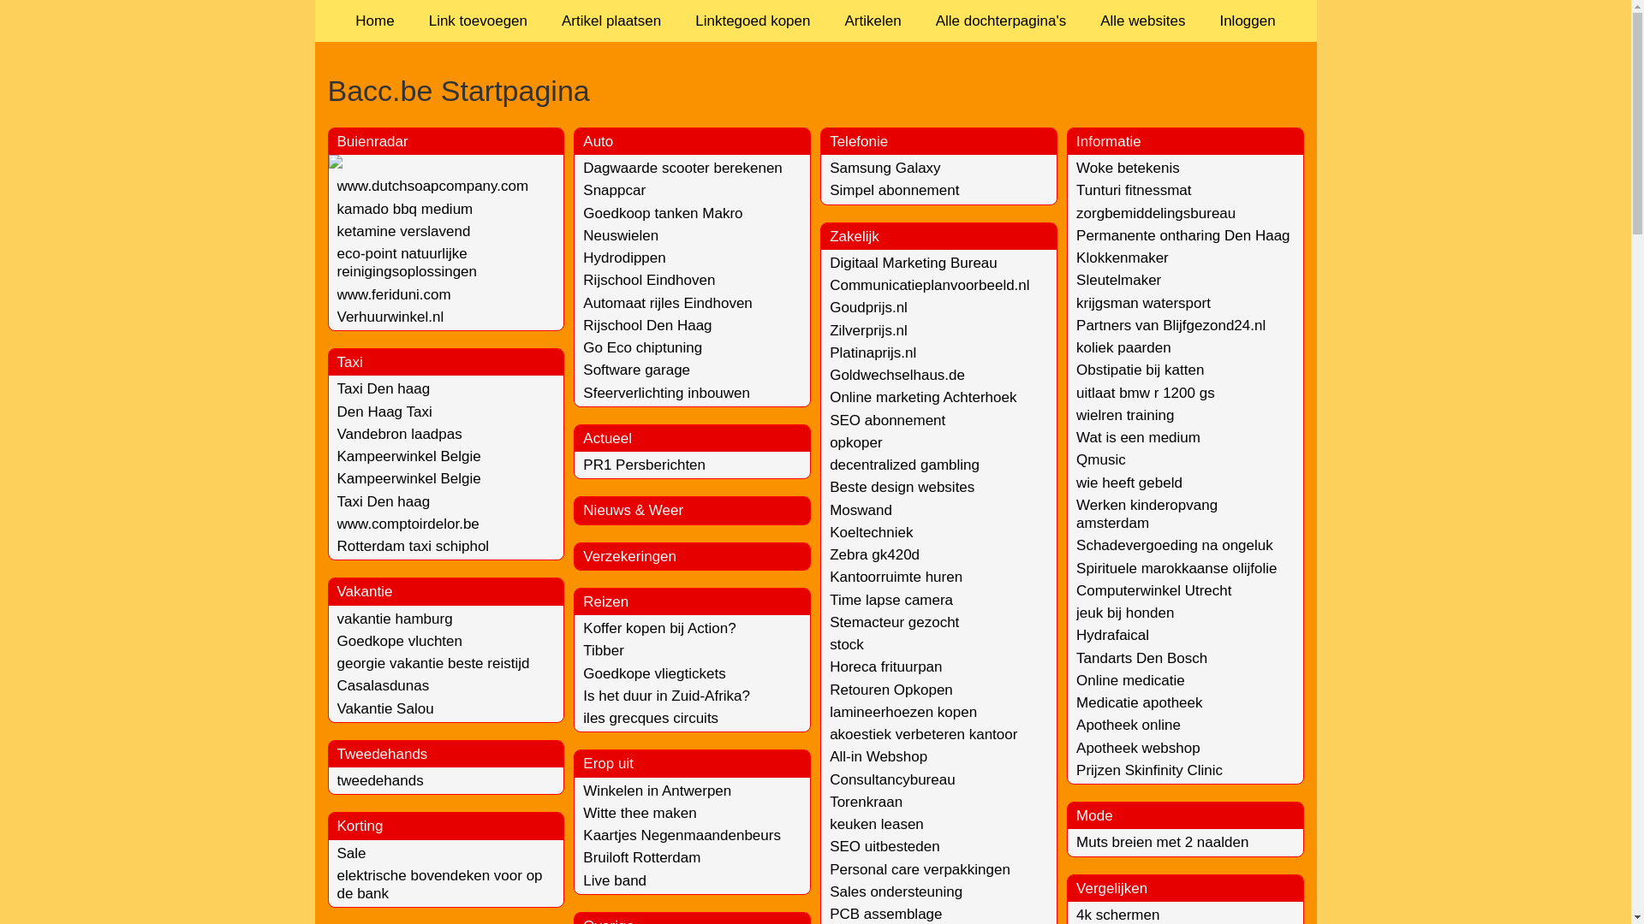  I want to click on 'Auto', so click(598, 140).